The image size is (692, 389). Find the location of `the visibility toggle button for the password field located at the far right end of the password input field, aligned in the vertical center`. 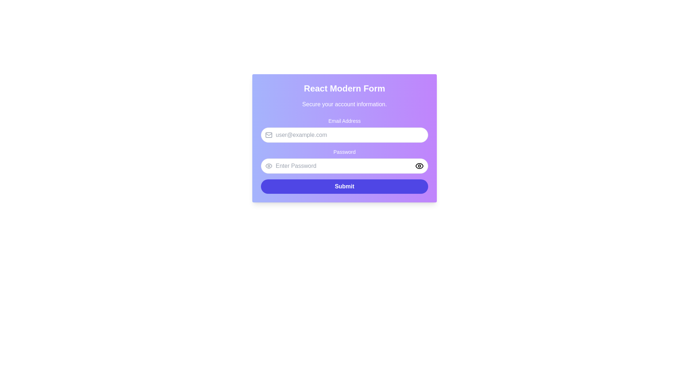

the visibility toggle button for the password field located at the far right end of the password input field, aligned in the vertical center is located at coordinates (419, 166).